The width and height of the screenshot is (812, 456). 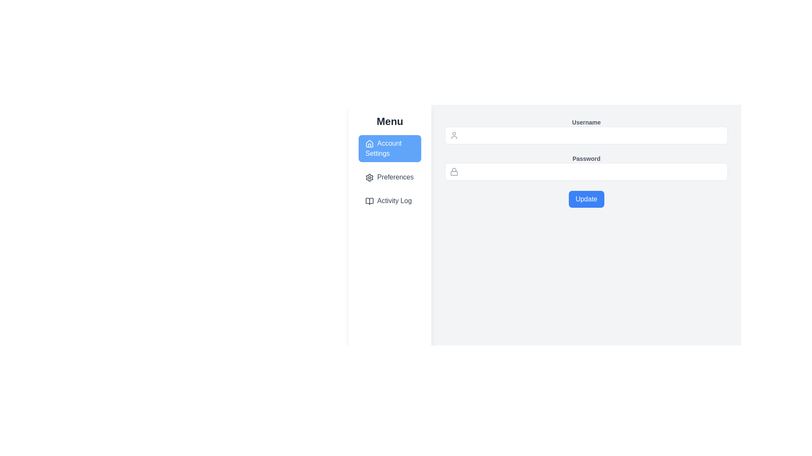 What do you see at coordinates (586, 135) in the screenshot?
I see `the username input field located directly beneath the 'Username' label in the user form` at bounding box center [586, 135].